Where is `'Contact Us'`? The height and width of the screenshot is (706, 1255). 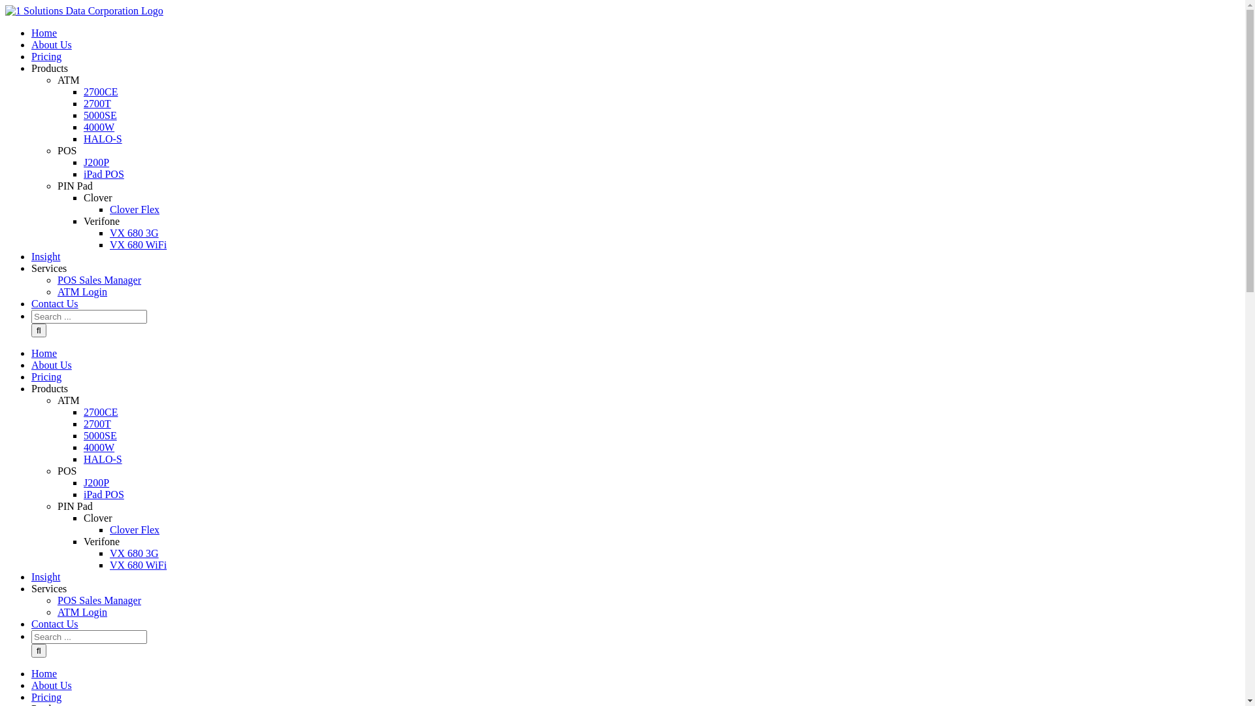 'Contact Us' is located at coordinates (54, 623).